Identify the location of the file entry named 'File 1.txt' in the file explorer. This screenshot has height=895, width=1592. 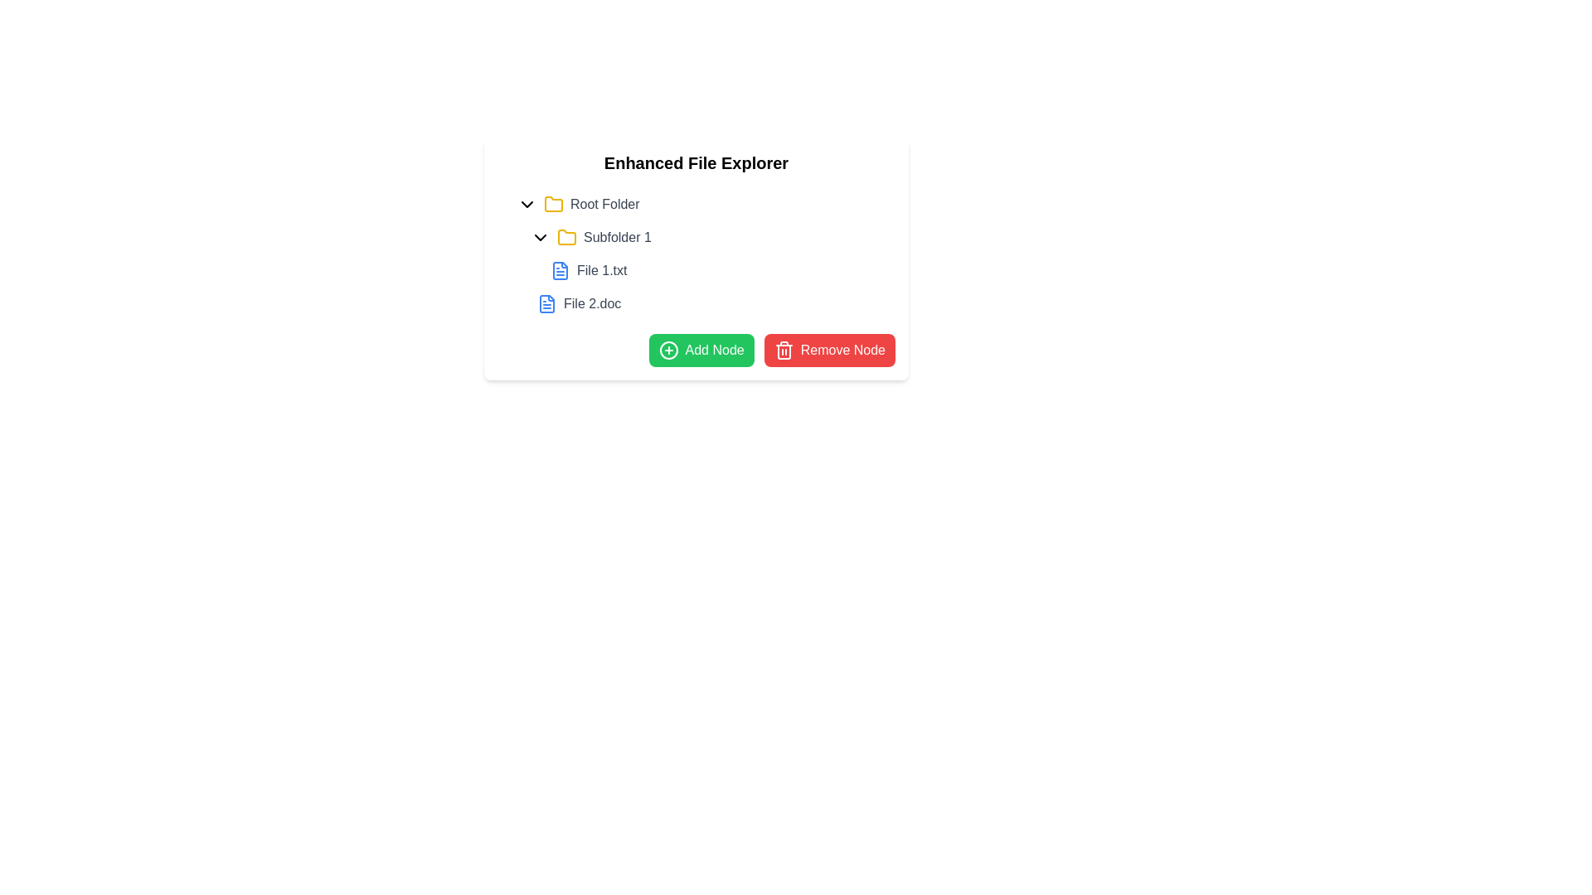
(589, 270).